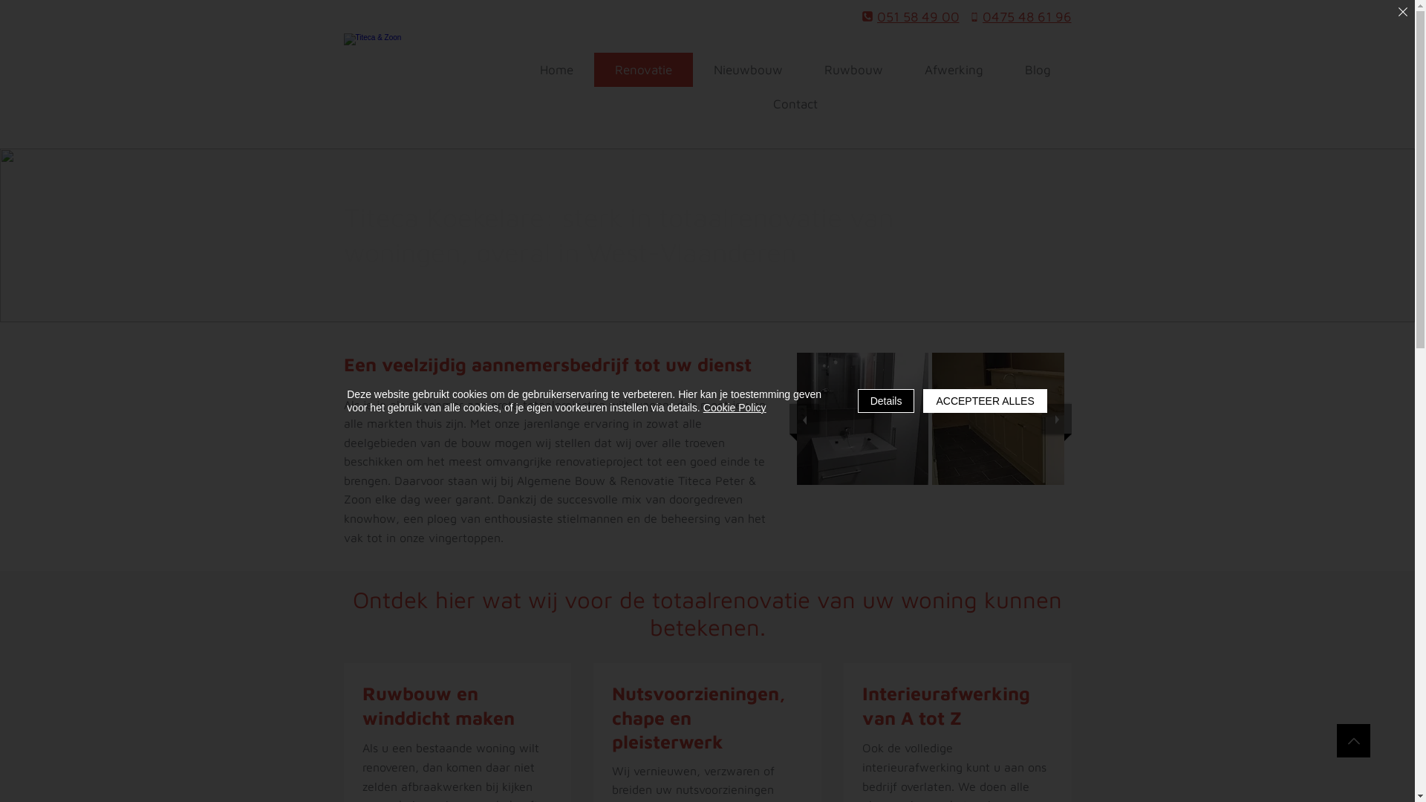 The height and width of the screenshot is (802, 1426). I want to click on 'Contact', so click(794, 102).